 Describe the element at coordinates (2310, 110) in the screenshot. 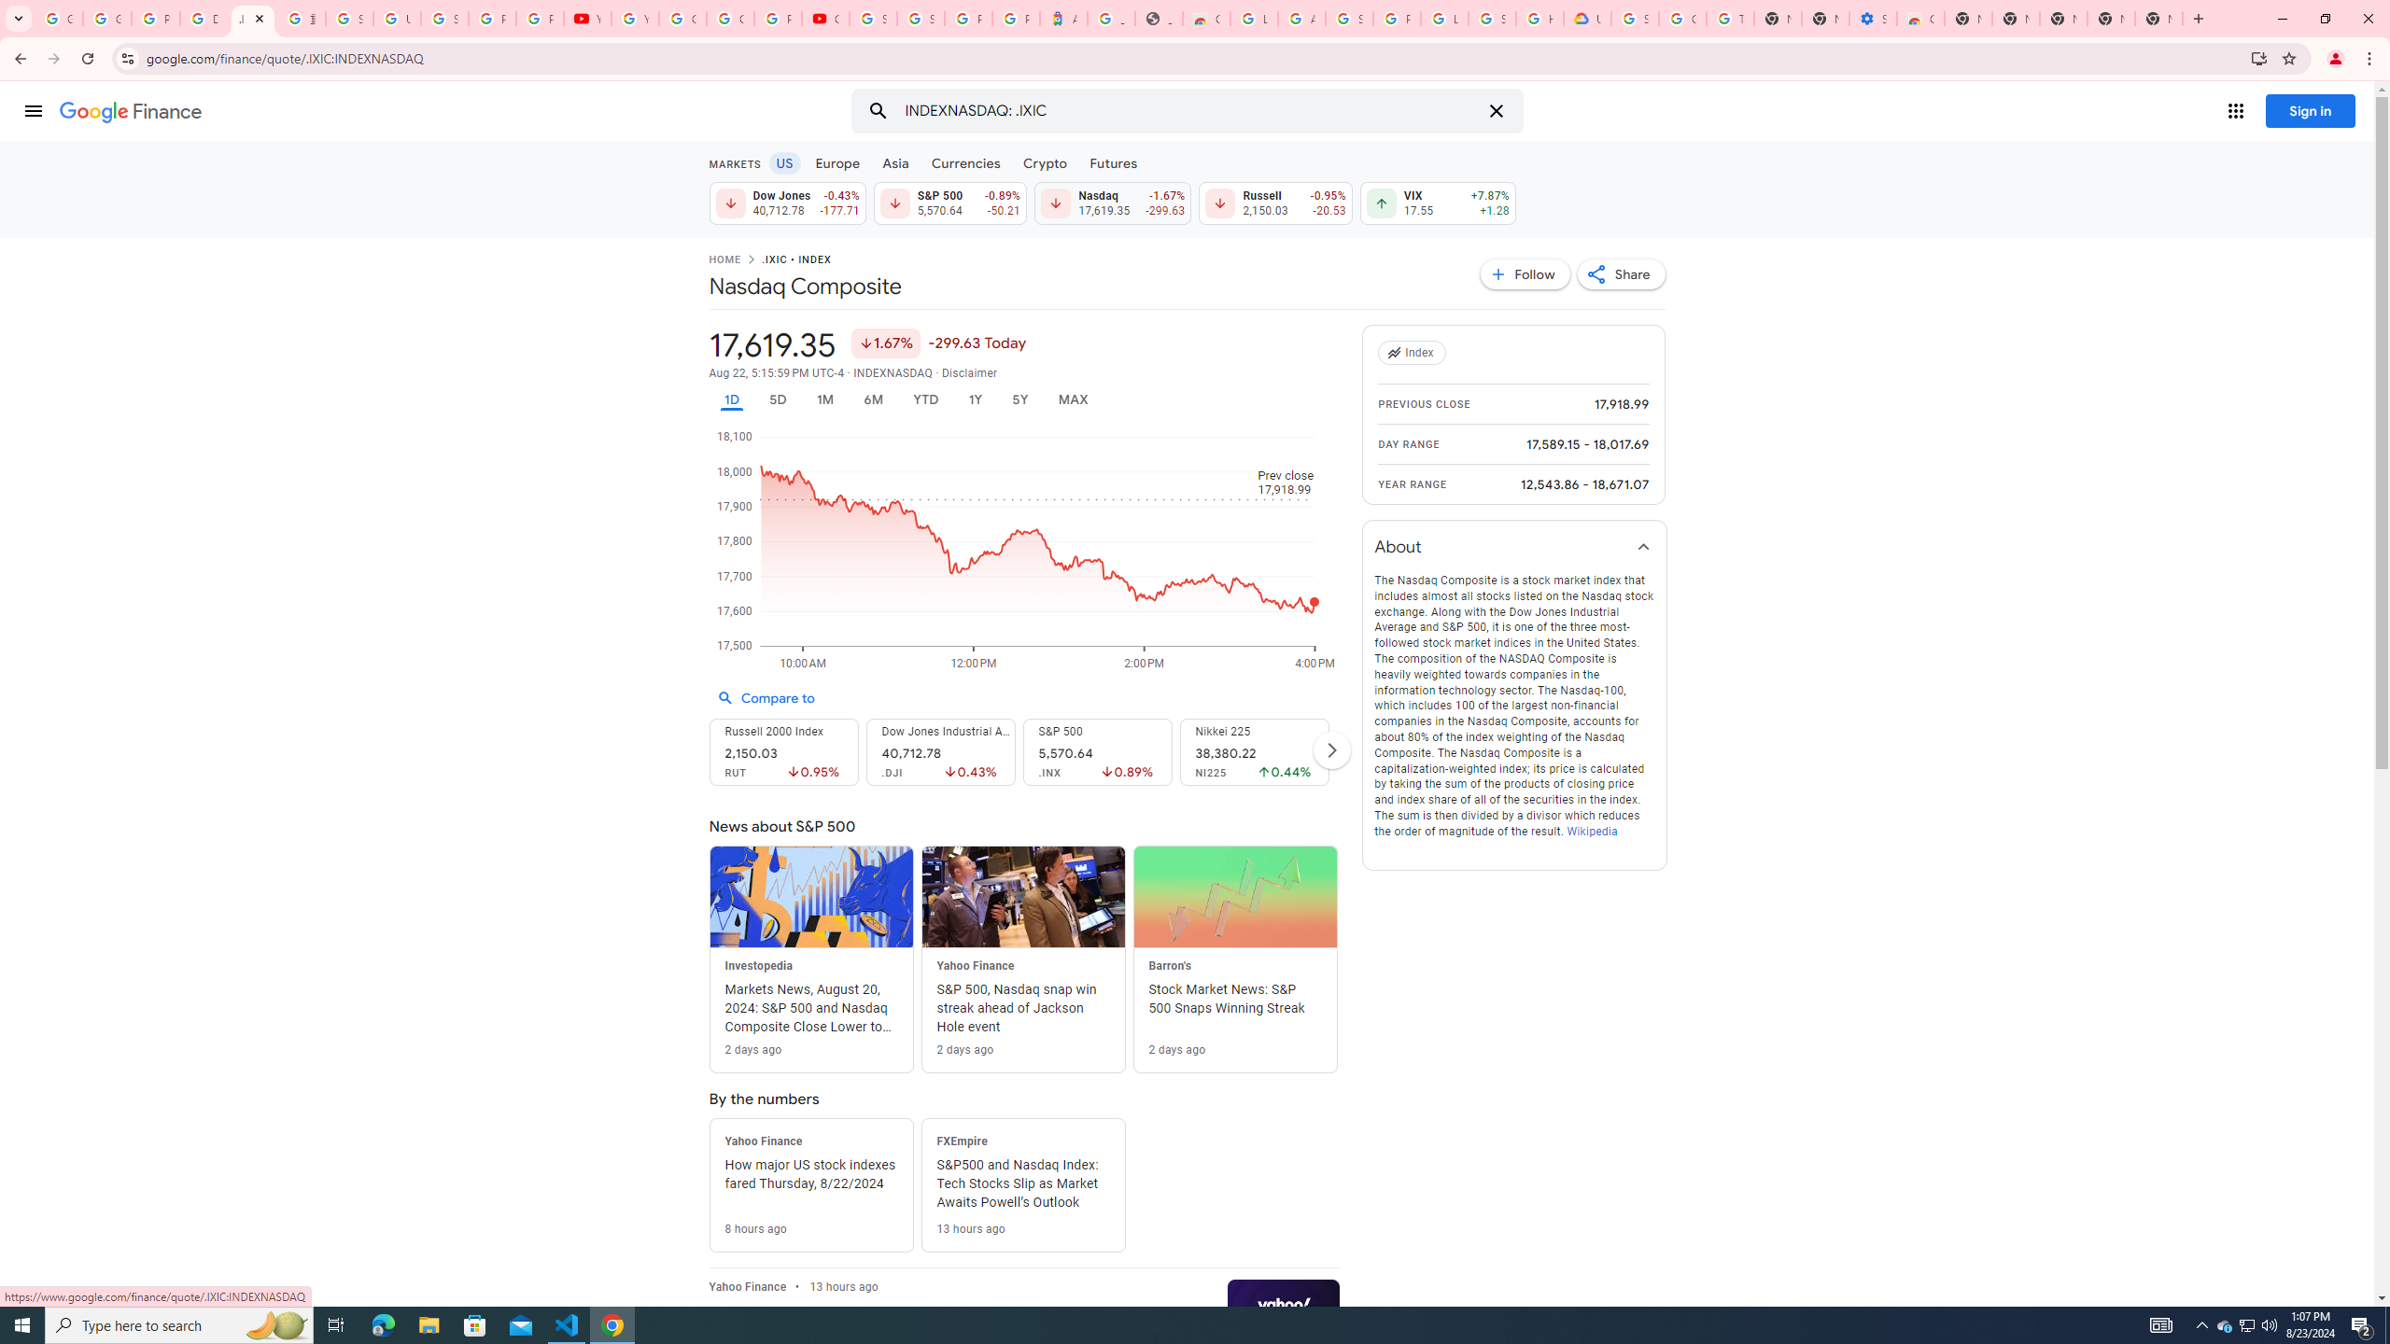

I see `'Sign in'` at that location.